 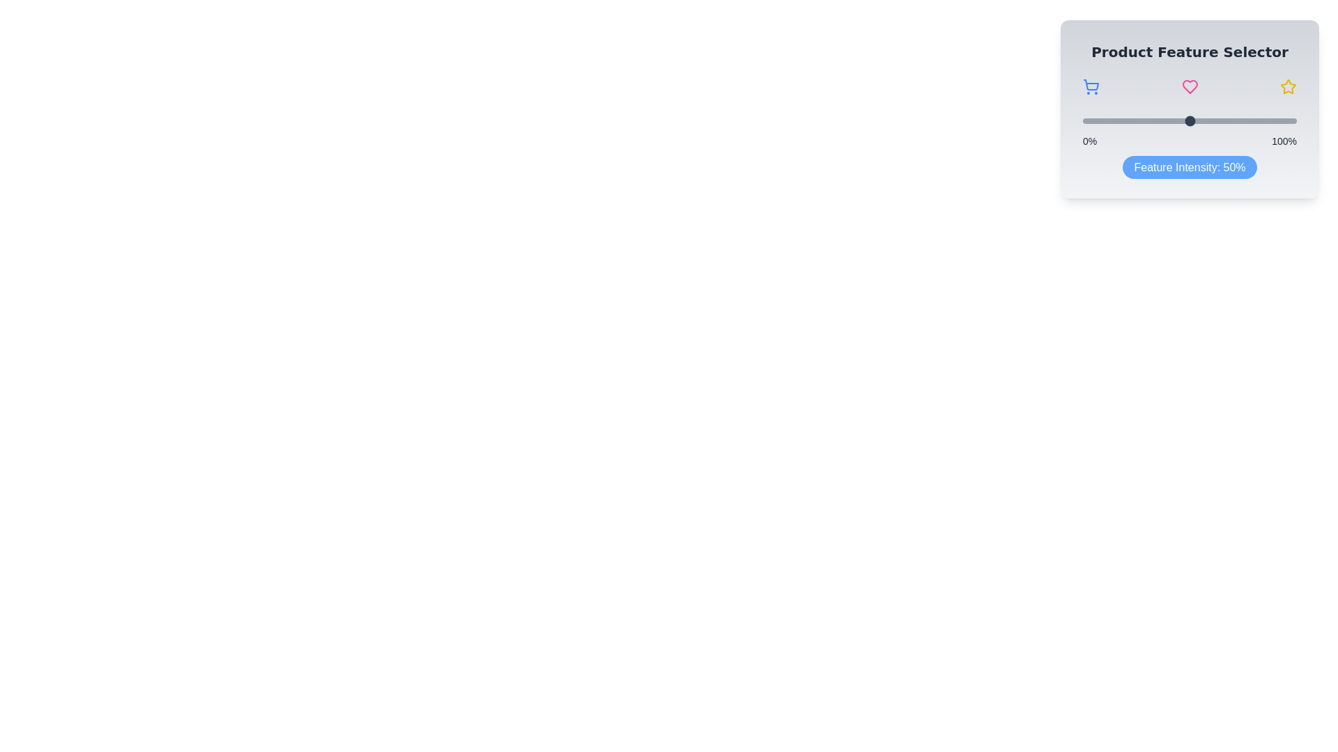 What do you see at coordinates (1090, 86) in the screenshot?
I see `the shopping cart icon` at bounding box center [1090, 86].